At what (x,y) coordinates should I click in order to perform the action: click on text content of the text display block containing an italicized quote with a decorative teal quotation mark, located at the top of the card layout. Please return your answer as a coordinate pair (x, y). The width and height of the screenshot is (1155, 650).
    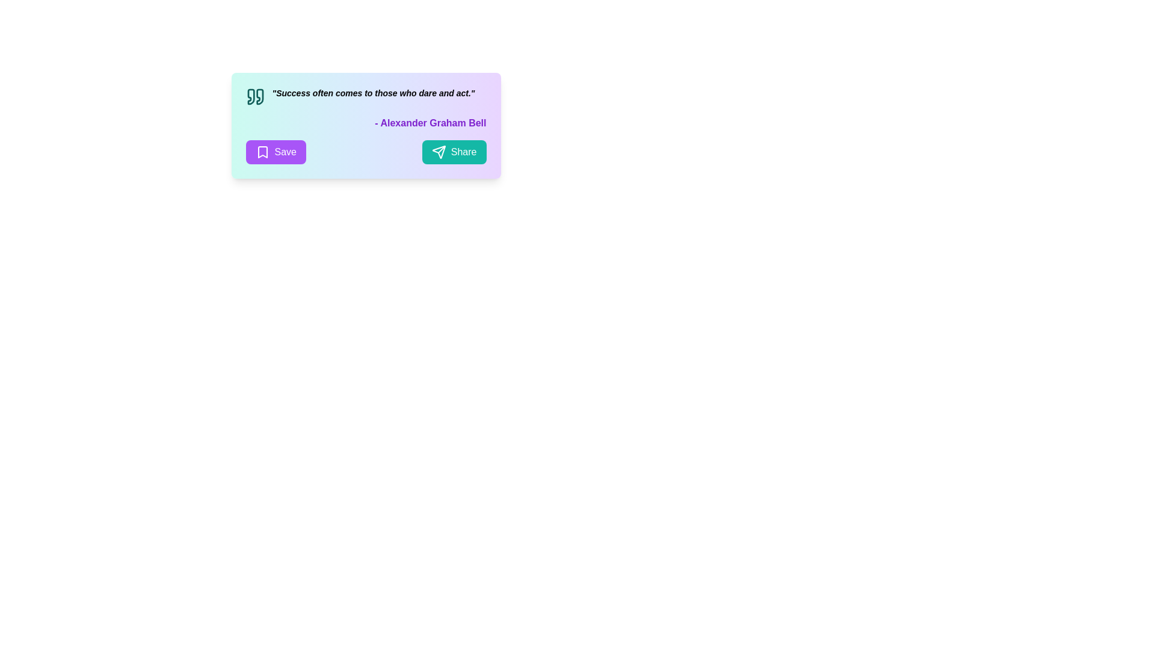
    Looking at the image, I should click on (365, 96).